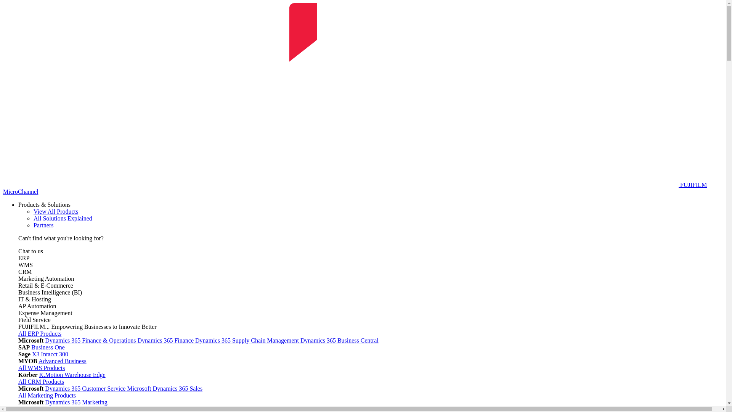 Image resolution: width=732 pixels, height=412 pixels. I want to click on 'Dynamics 365 Customer Service', so click(86, 388).